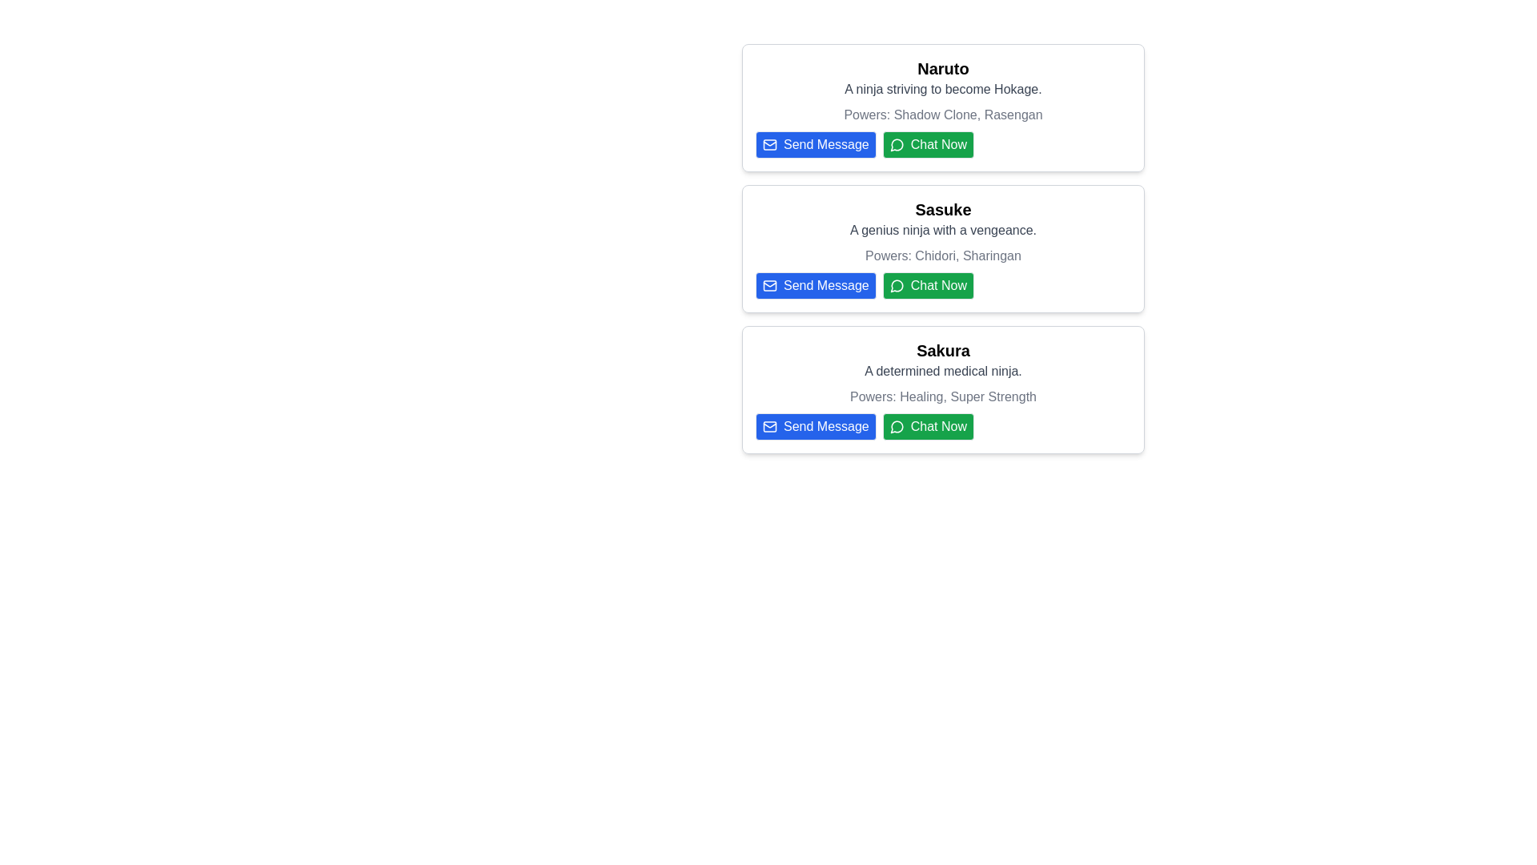 This screenshot has height=865, width=1537. Describe the element at coordinates (943, 350) in the screenshot. I see `the text label displaying 'Sakura', which serves as the main title of the third card in a vertical stack` at that location.